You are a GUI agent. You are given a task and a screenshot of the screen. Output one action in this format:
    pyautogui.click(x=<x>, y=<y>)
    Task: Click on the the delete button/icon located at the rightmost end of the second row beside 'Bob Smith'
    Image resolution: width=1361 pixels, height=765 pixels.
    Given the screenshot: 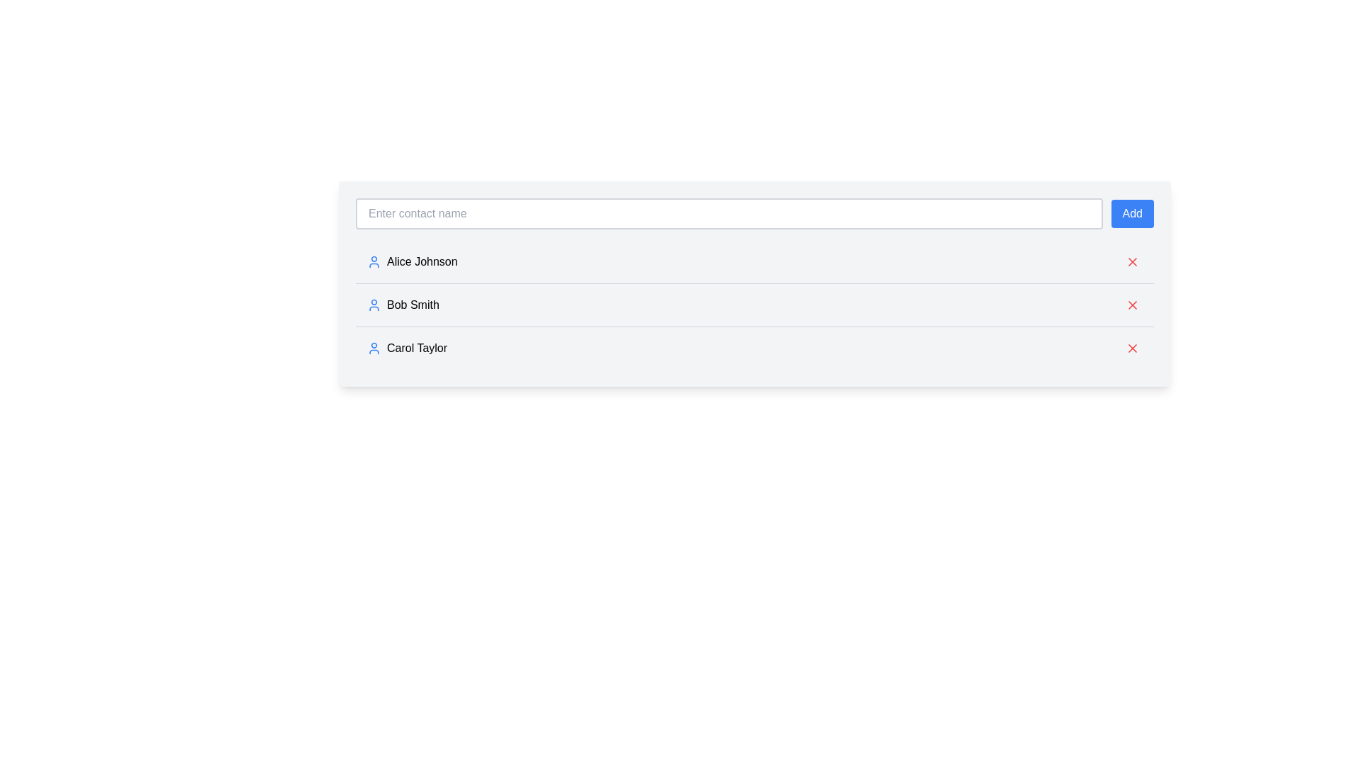 What is the action you would take?
    pyautogui.click(x=1132, y=305)
    